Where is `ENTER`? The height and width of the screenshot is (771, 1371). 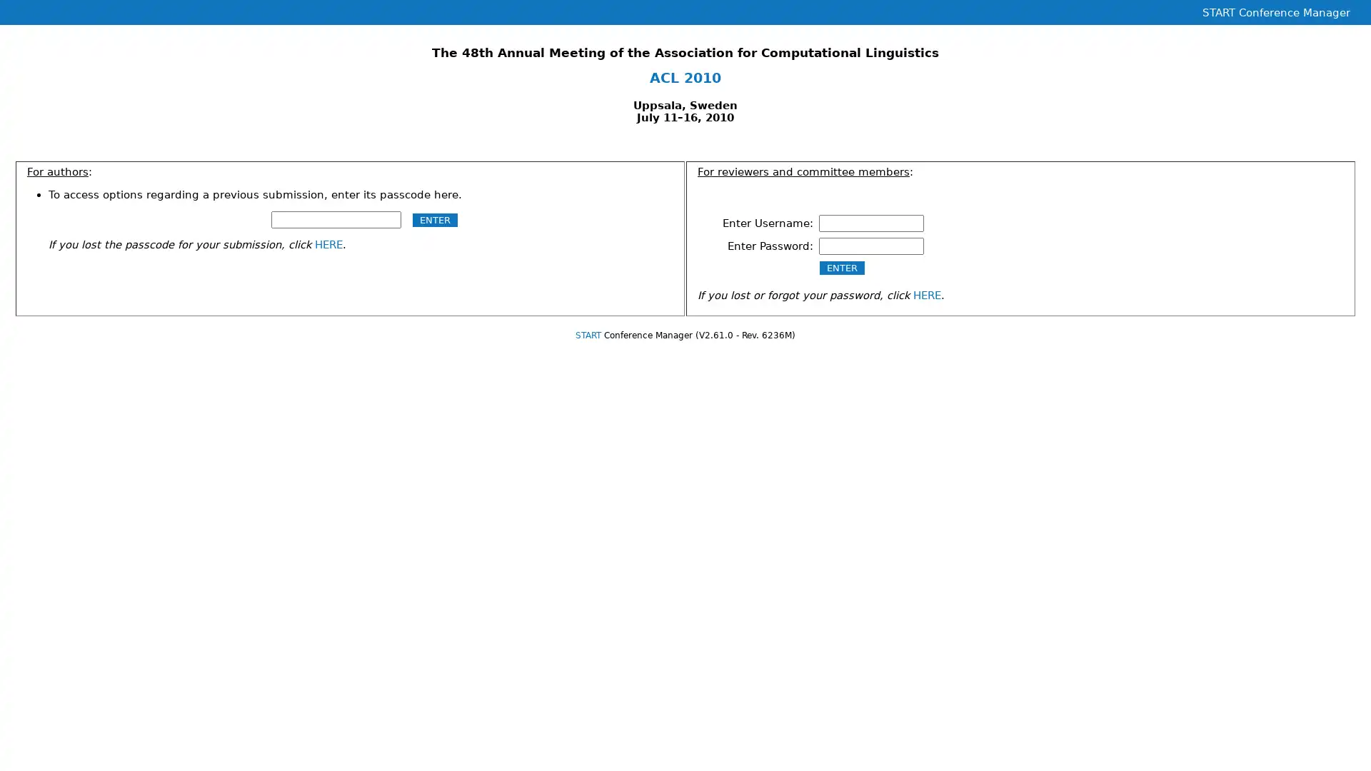 ENTER is located at coordinates (433, 219).